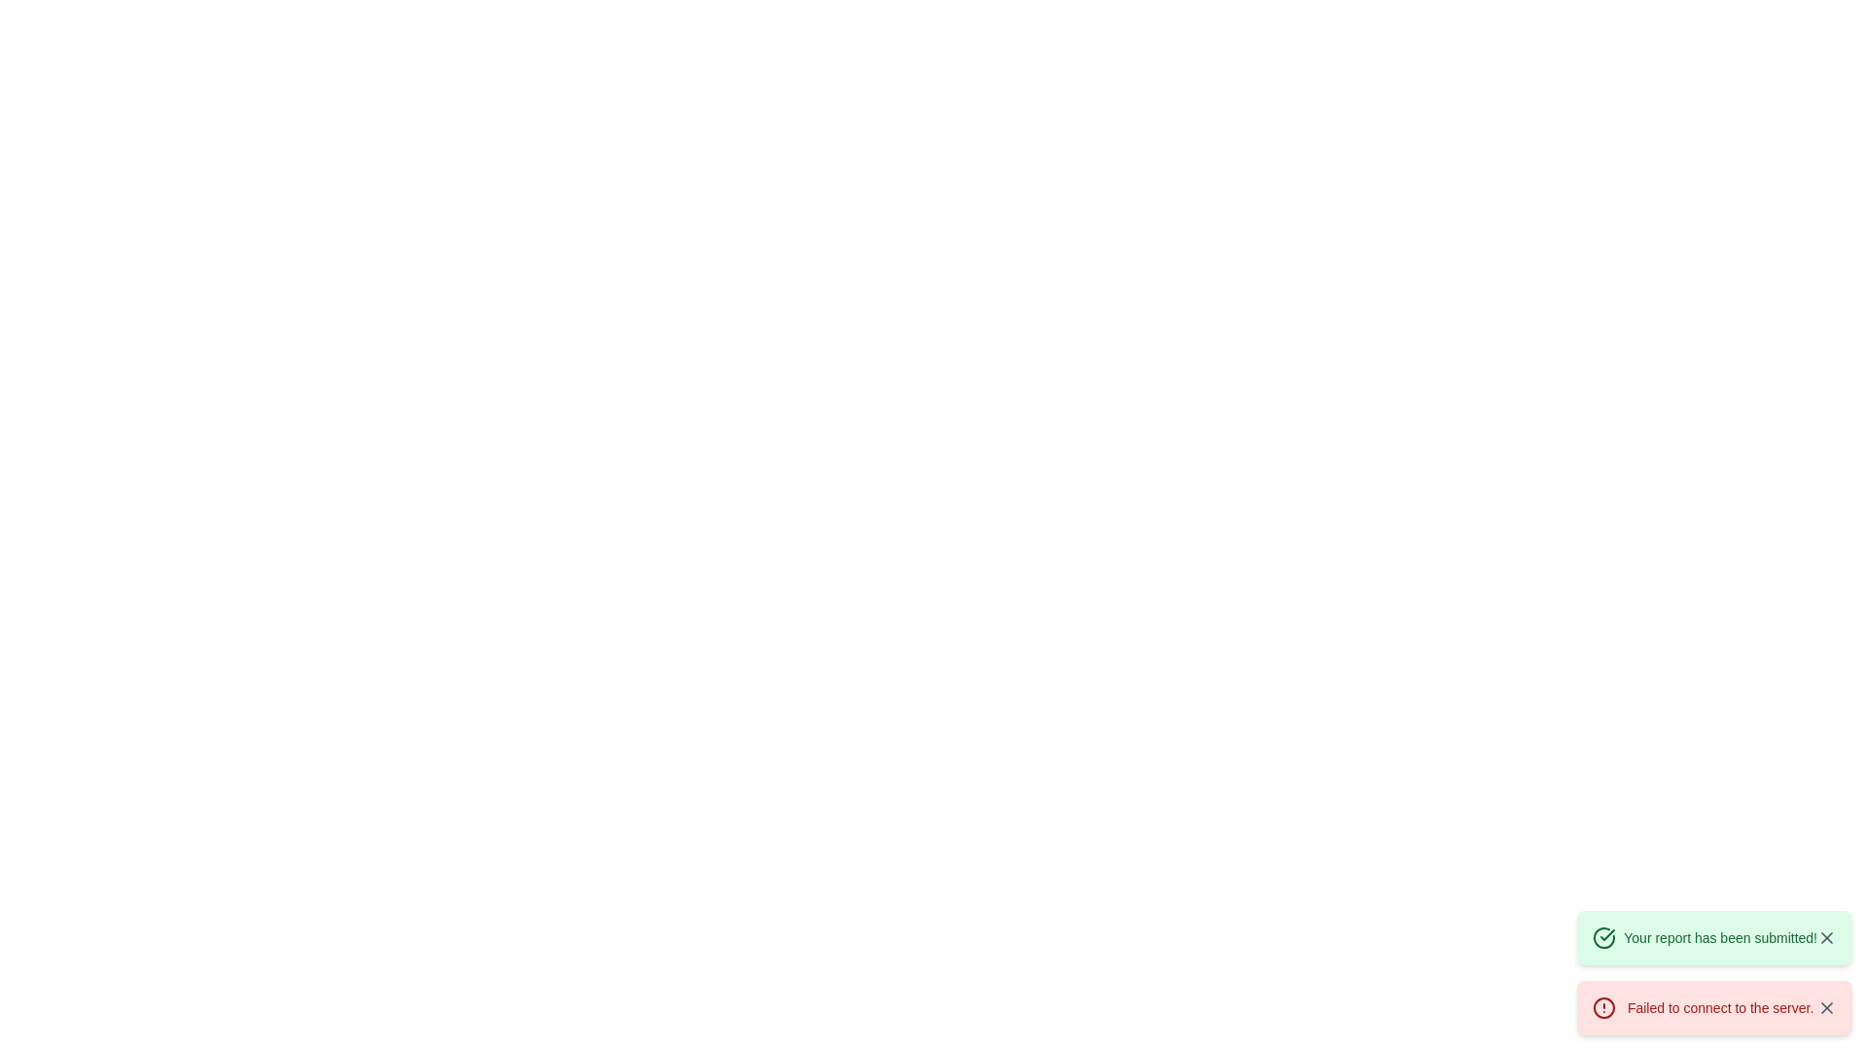 This screenshot has height=1051, width=1868. Describe the element at coordinates (1604, 1007) in the screenshot. I see `the warning icon within the notification card that indicates an error alert, situated next to the message 'Failed to connect to the server.'` at that location.